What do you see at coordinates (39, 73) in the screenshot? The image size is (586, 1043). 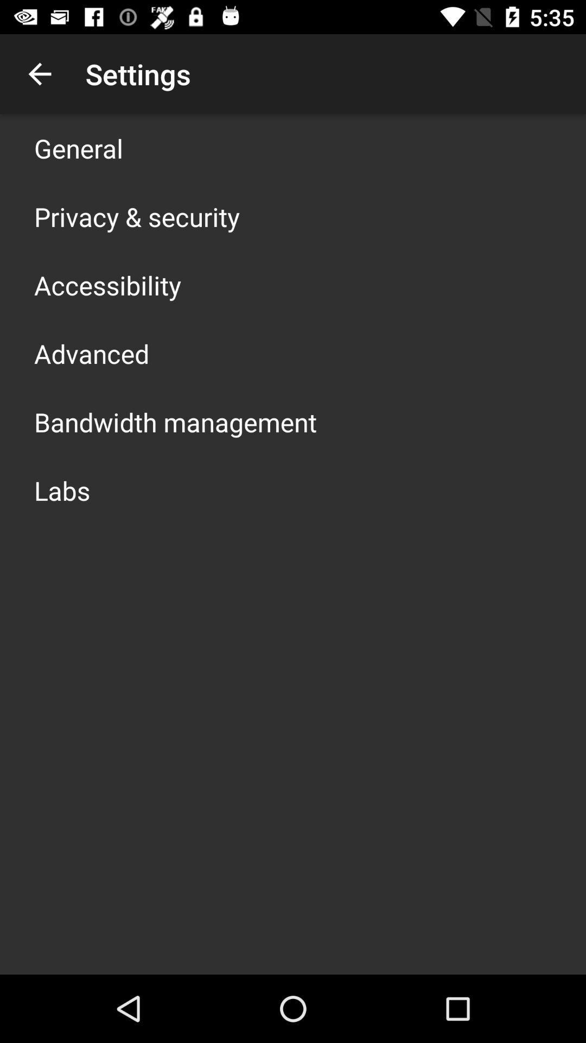 I see `icon above general` at bounding box center [39, 73].